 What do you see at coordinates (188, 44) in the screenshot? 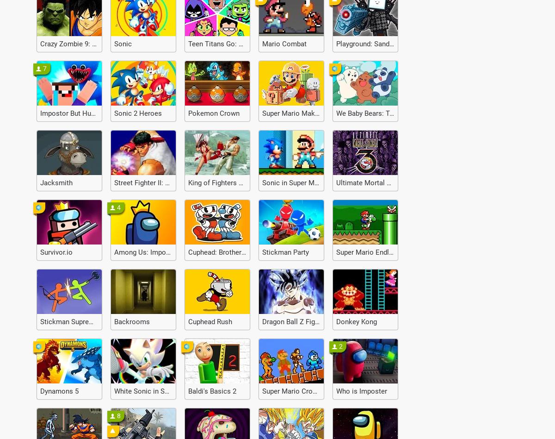
I see `'Teen Titans Go: Jump Jousts'` at bounding box center [188, 44].